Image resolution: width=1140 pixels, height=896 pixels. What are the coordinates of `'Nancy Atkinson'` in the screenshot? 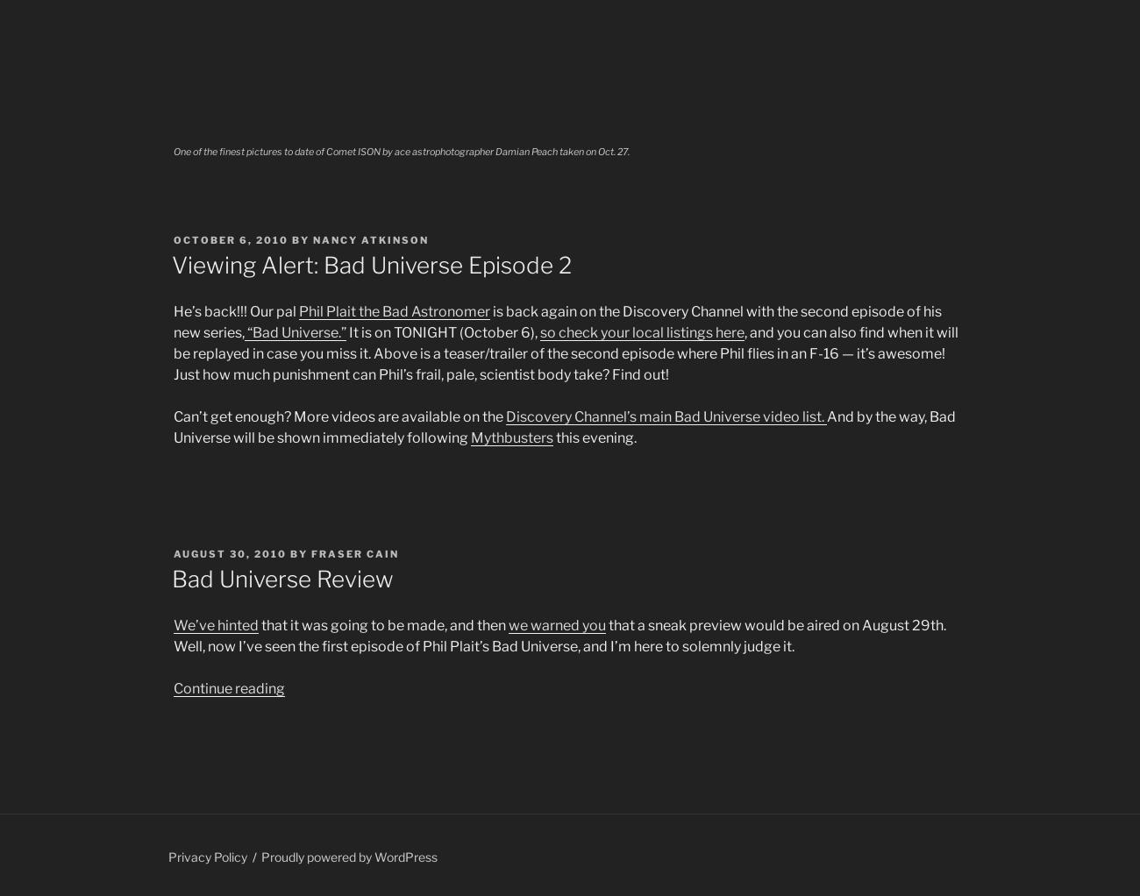 It's located at (371, 238).